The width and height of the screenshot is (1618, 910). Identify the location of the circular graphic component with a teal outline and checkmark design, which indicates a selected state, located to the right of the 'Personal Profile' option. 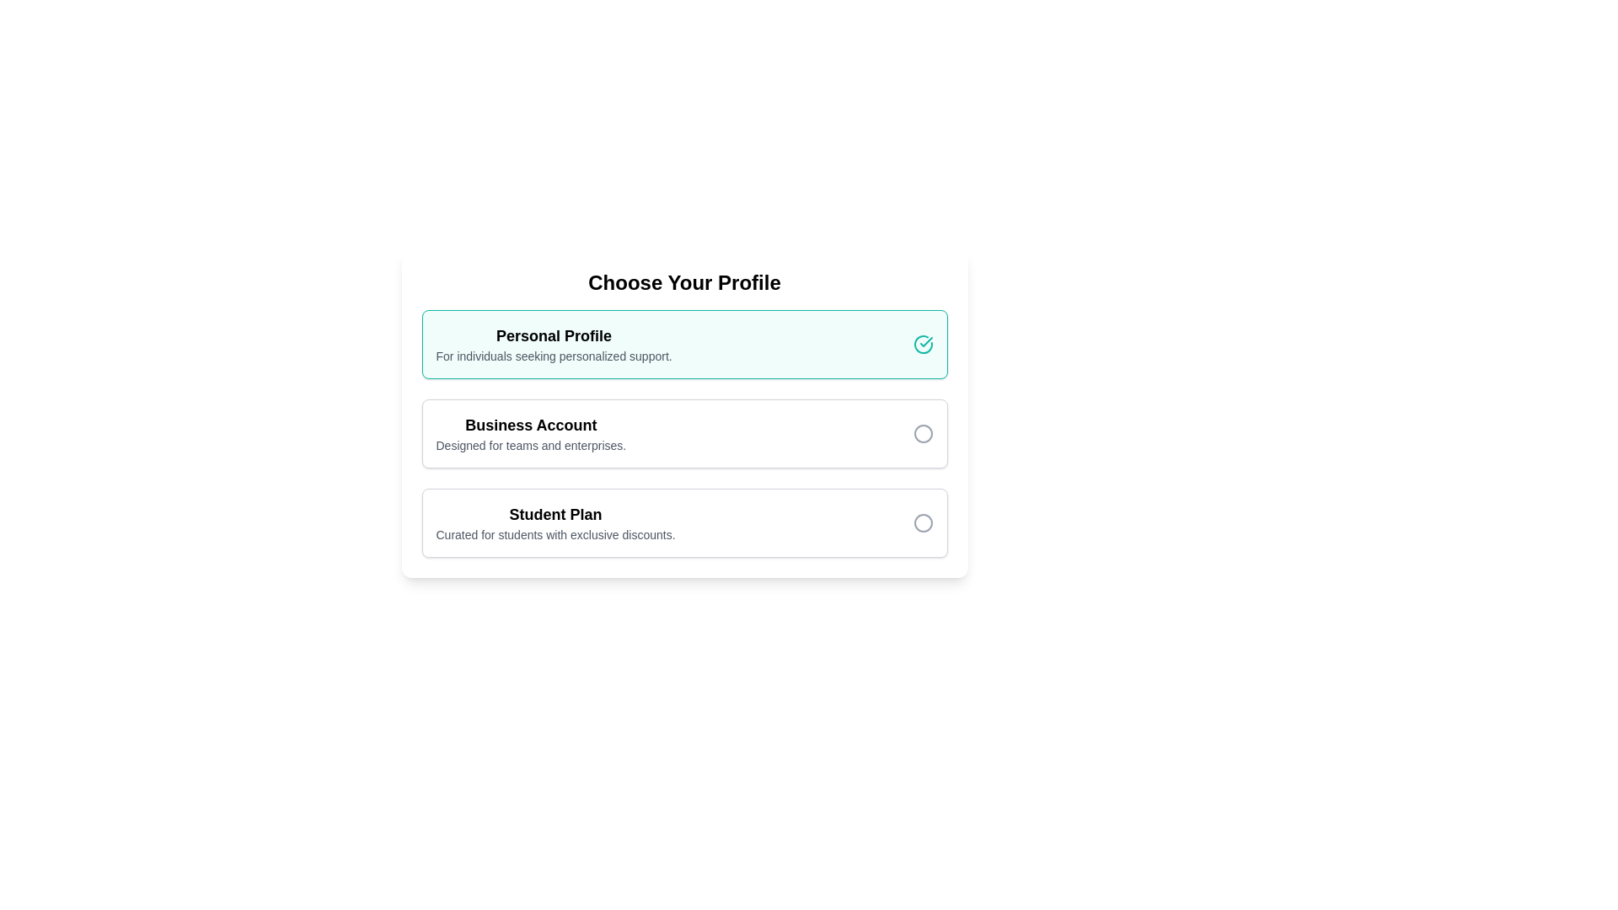
(922, 343).